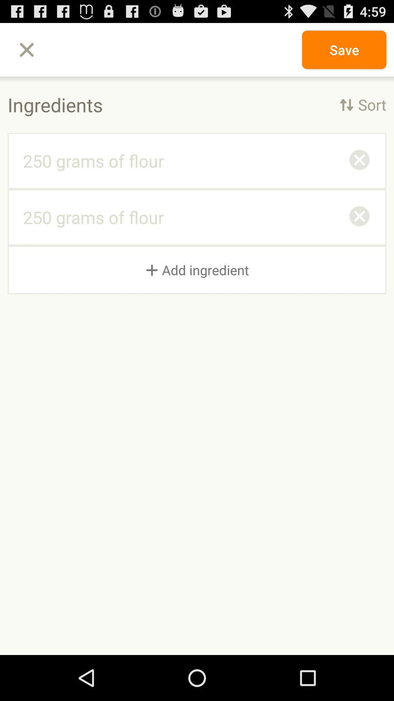 The image size is (394, 701). Describe the element at coordinates (344, 49) in the screenshot. I see `the save icon` at that location.